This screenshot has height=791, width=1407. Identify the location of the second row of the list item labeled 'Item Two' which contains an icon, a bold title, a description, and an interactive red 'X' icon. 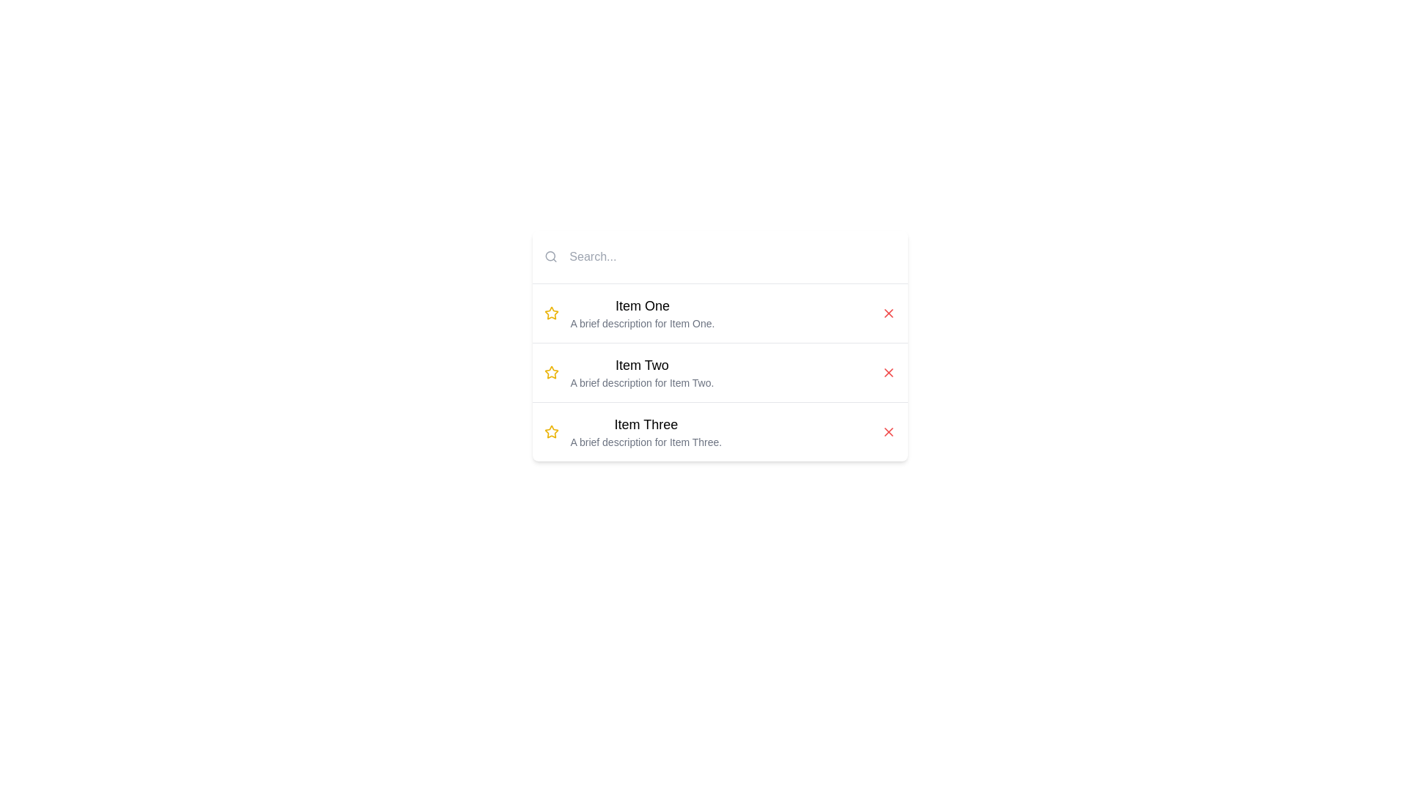
(720, 371).